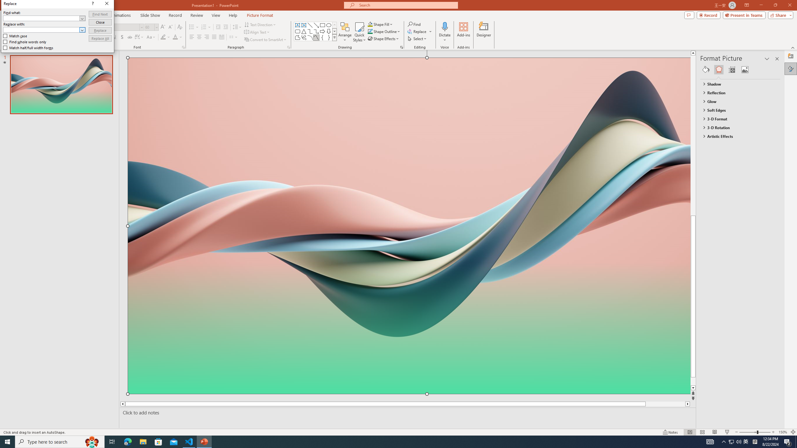  What do you see at coordinates (328, 25) in the screenshot?
I see `'Oval'` at bounding box center [328, 25].